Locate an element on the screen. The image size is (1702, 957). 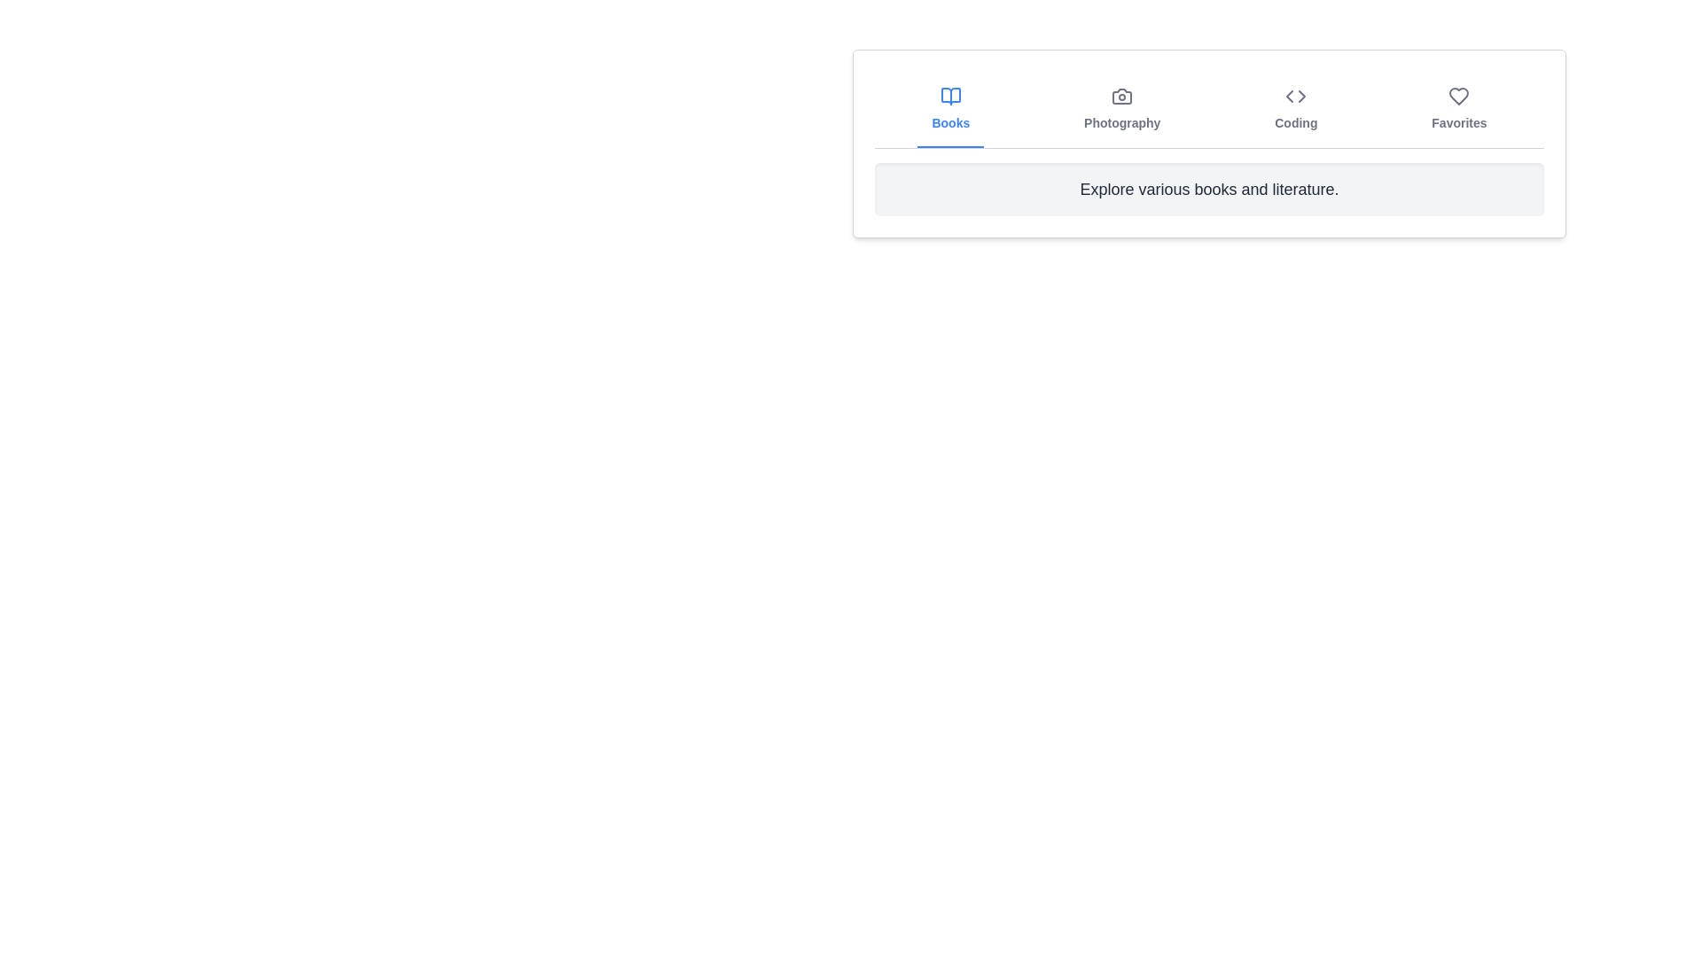
the 'Coding' navigation link, which is represented by a coding icon '<>' and the label 'Coding', located in the third position of the horizontal navigation bar is located at coordinates (1296, 109).